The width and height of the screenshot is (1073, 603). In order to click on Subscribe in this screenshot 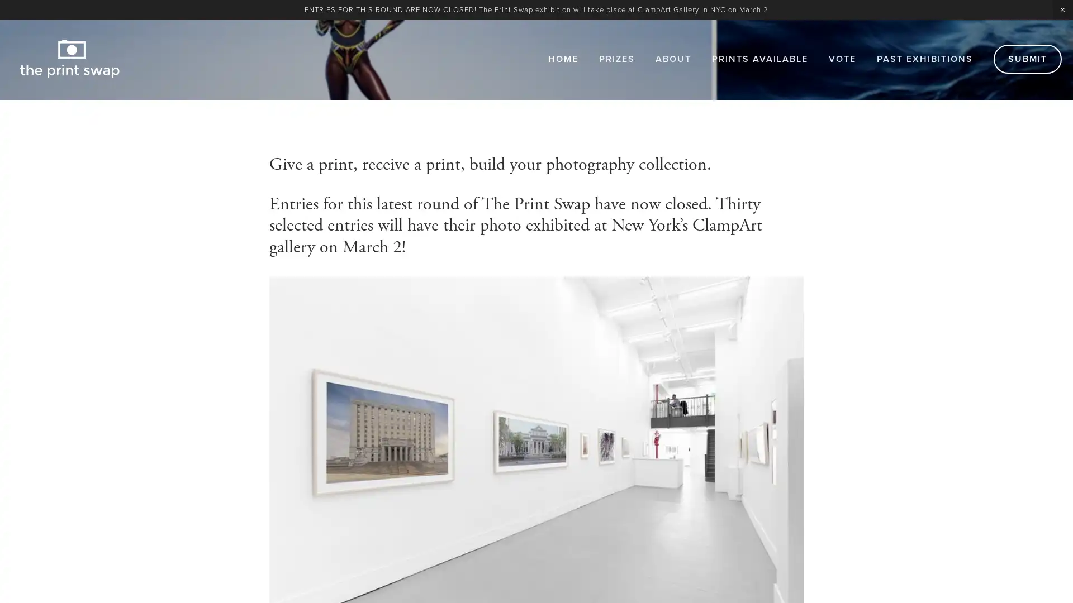, I will do `click(631, 296)`.